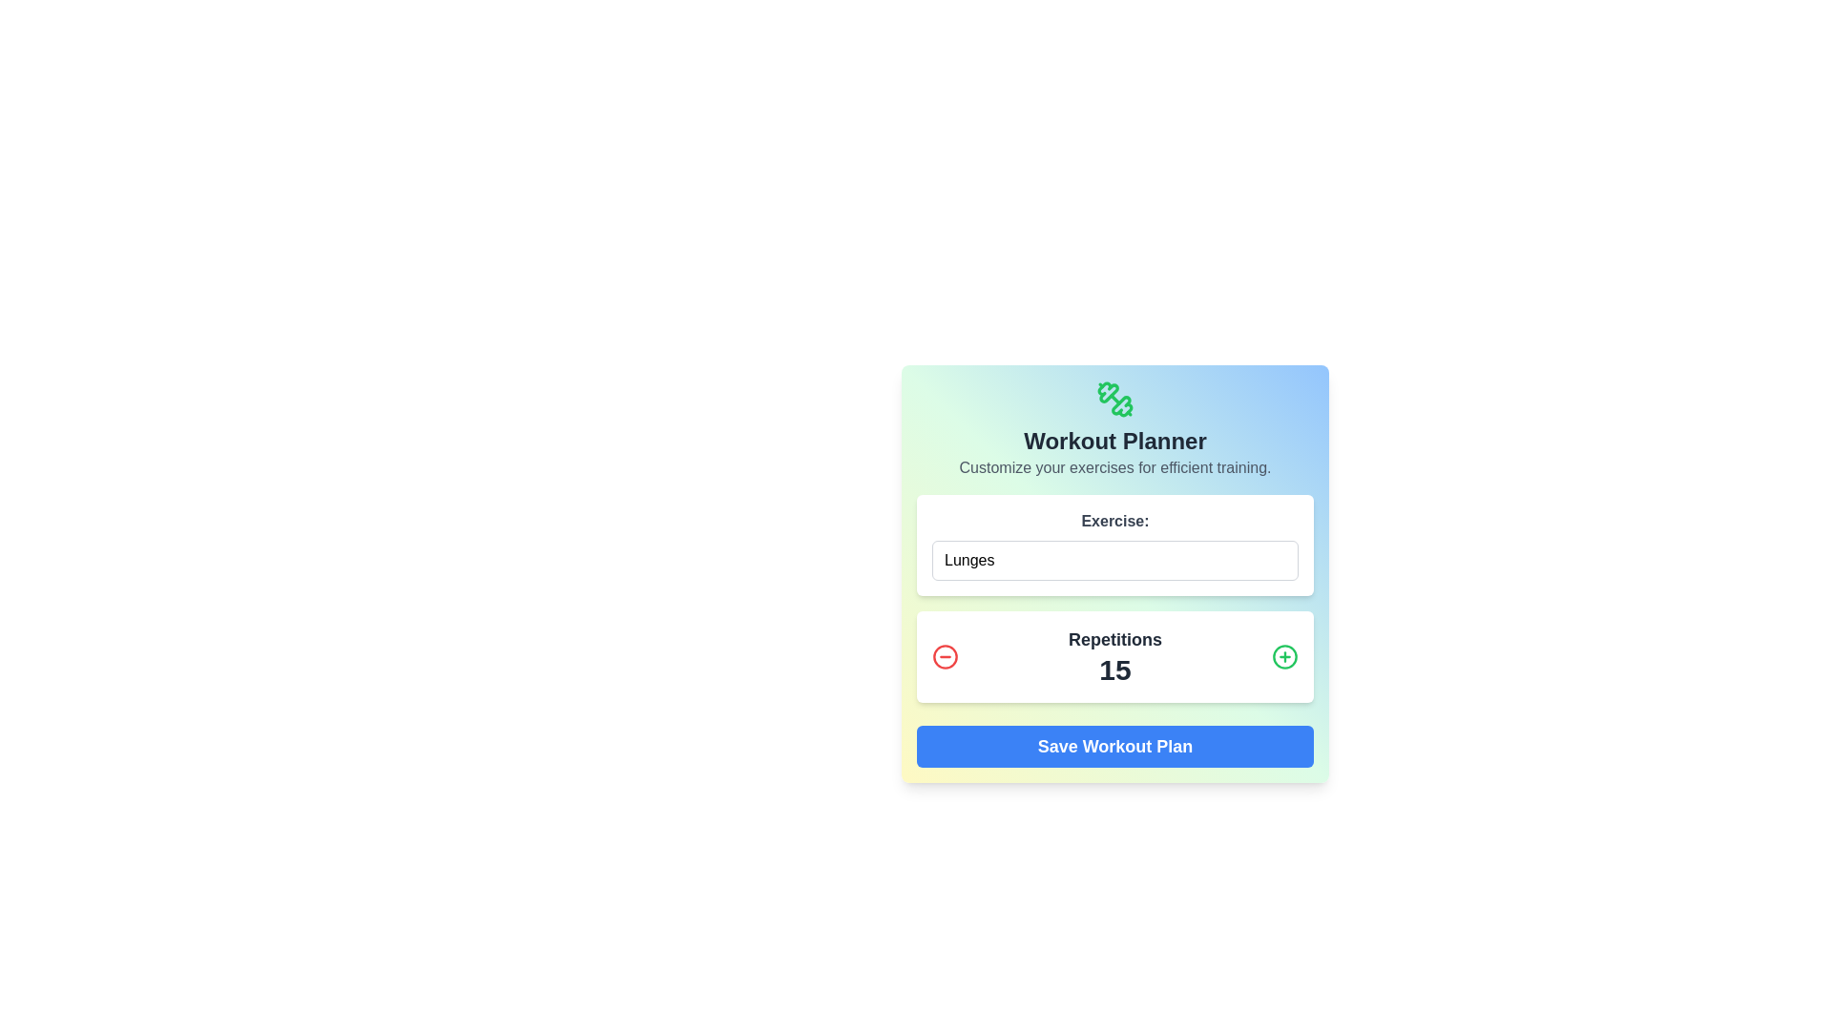 The height and width of the screenshot is (1030, 1832). I want to click on the input field labeled 'Exercise:' to focus on the input box containing the prefilled value 'Lunges', so click(1115, 545).